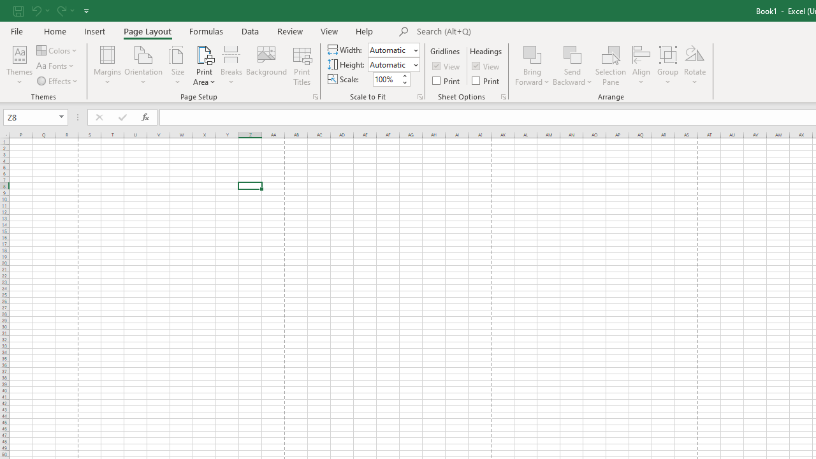 This screenshot has width=816, height=459. I want to click on 'Background...', so click(266, 66).